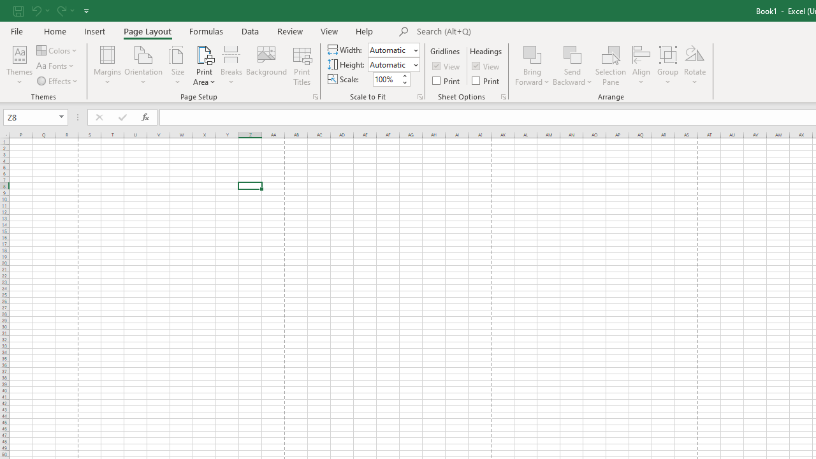 This screenshot has width=816, height=459. I want to click on 'Background...', so click(266, 66).